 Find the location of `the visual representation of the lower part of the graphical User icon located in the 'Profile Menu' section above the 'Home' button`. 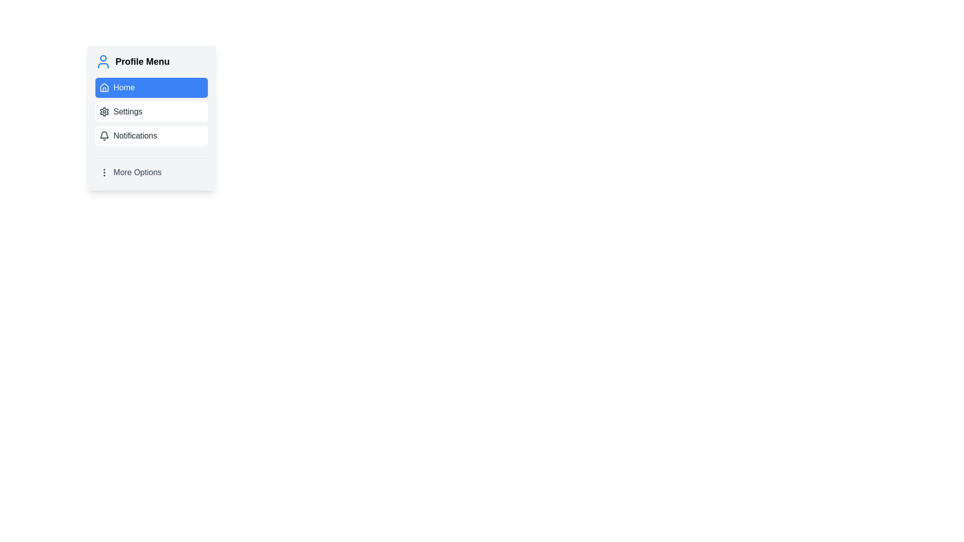

the visual representation of the lower part of the graphical User icon located in the 'Profile Menu' section above the 'Home' button is located at coordinates (103, 66).